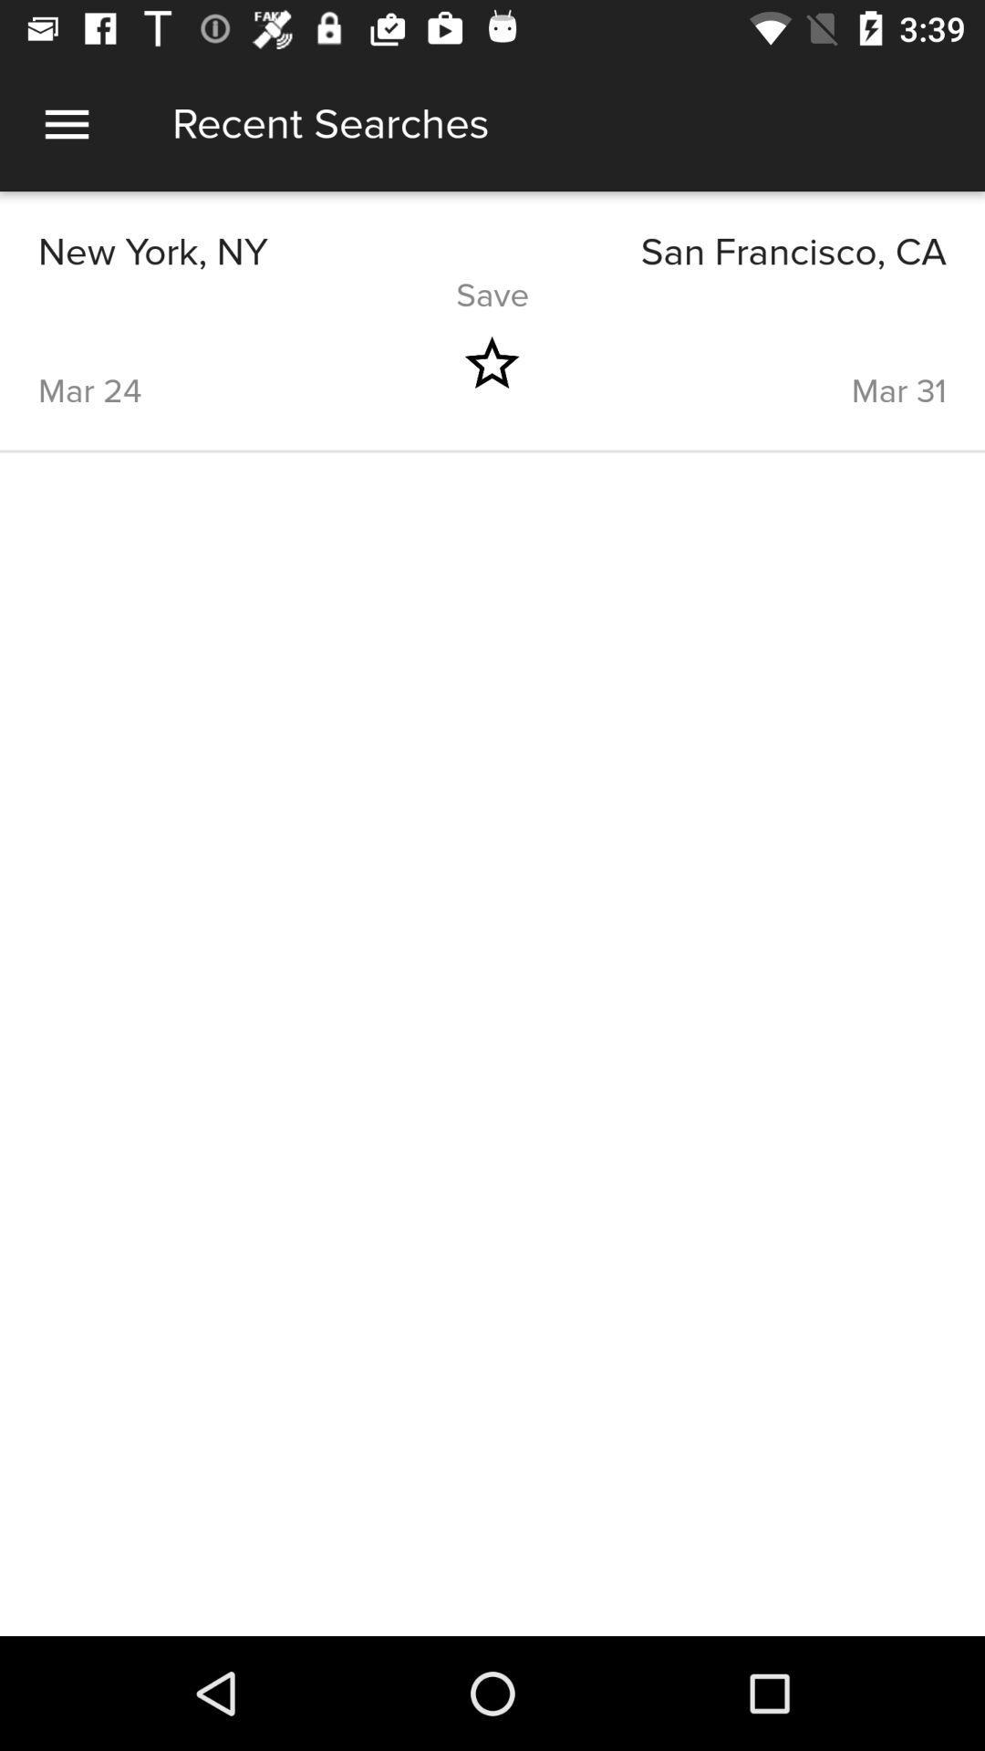 The height and width of the screenshot is (1751, 985). Describe the element at coordinates (491, 363) in the screenshot. I see `icon below save item` at that location.